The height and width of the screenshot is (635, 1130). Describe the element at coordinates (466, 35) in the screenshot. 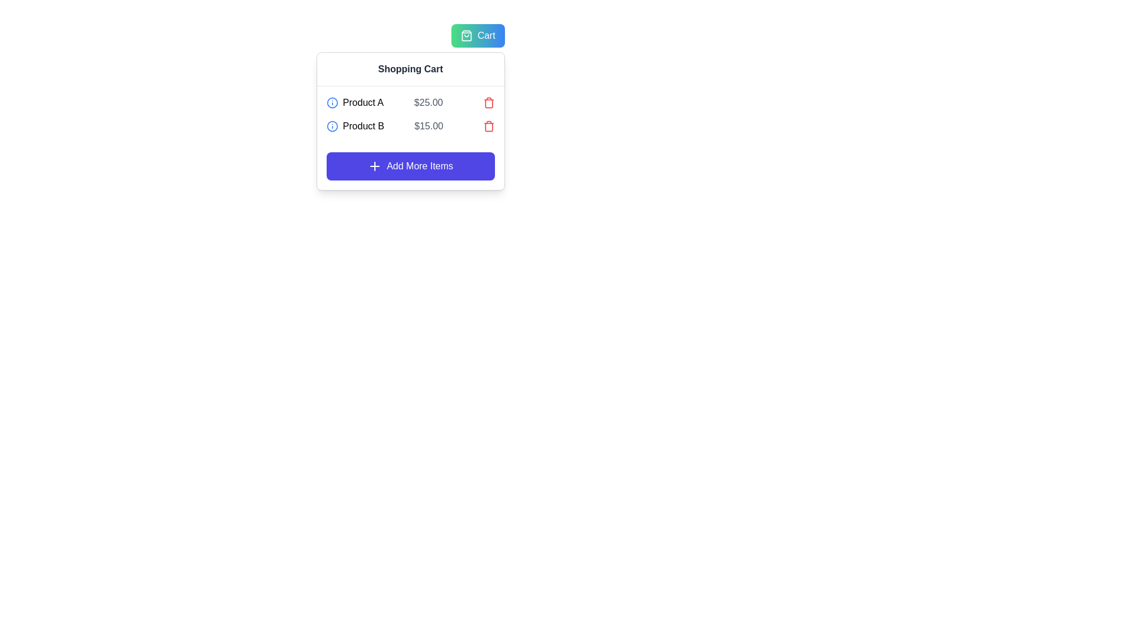

I see `the shopping cart icon located at the top-right corner of the interface, adjacent to the text 'Cart'` at that location.